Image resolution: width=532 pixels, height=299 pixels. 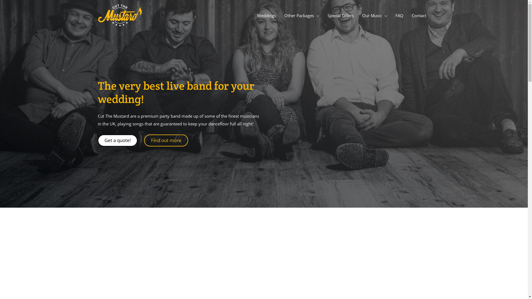 I want to click on 'Find out more', so click(x=166, y=140).